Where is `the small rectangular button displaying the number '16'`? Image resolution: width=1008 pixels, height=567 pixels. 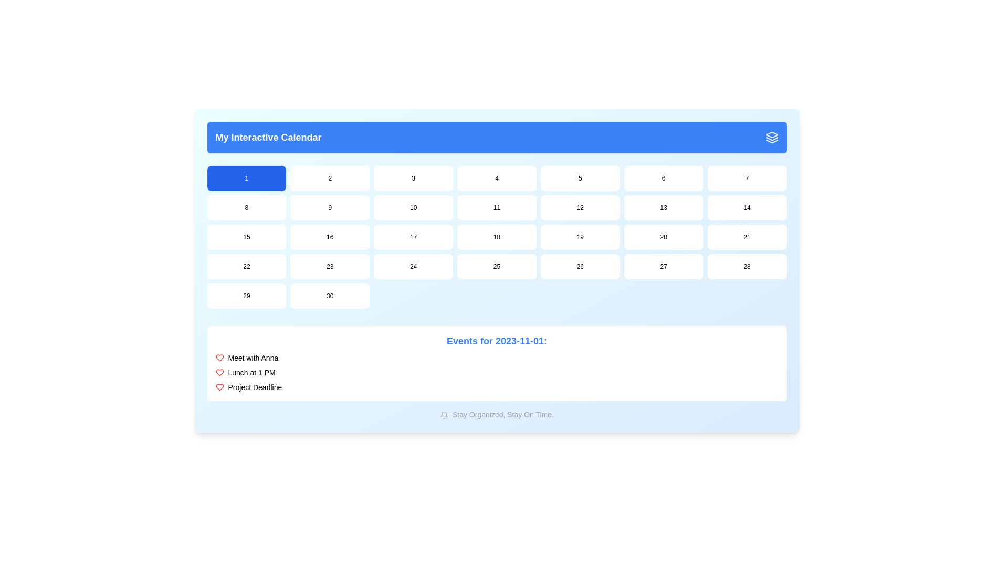 the small rectangular button displaying the number '16' is located at coordinates (329, 237).